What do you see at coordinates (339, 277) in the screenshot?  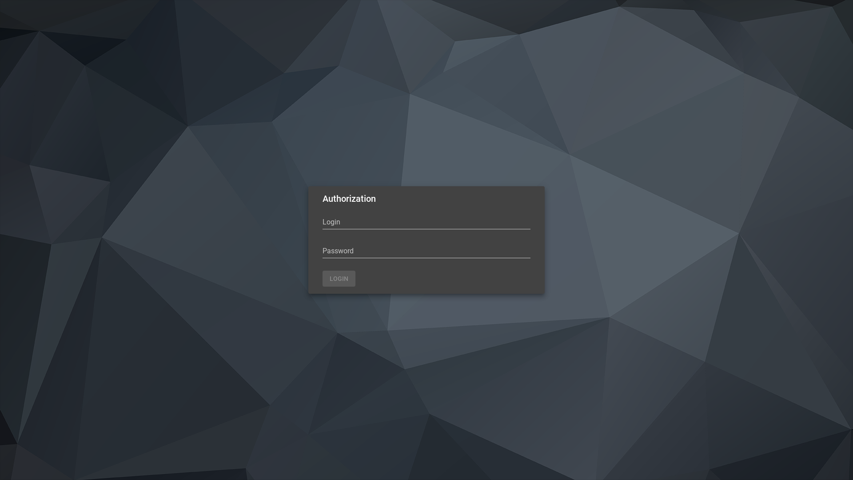 I see `'LOGIN'` at bounding box center [339, 277].